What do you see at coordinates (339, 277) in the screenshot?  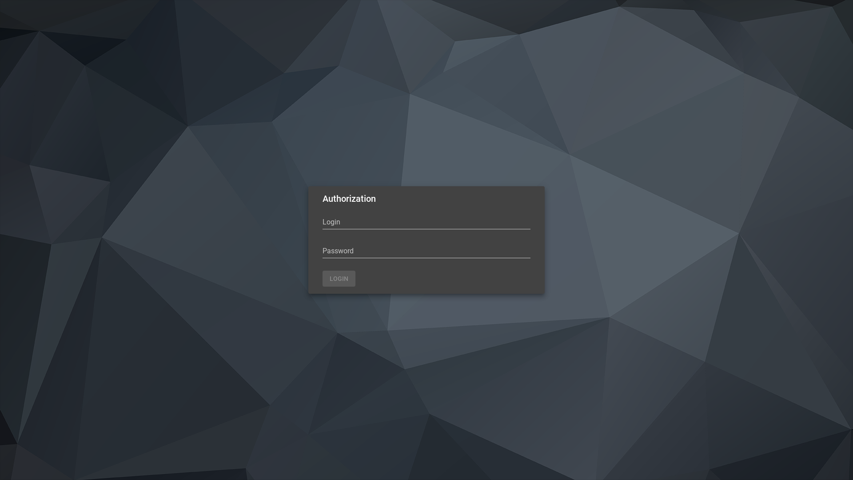 I see `'LOGIN'` at bounding box center [339, 277].